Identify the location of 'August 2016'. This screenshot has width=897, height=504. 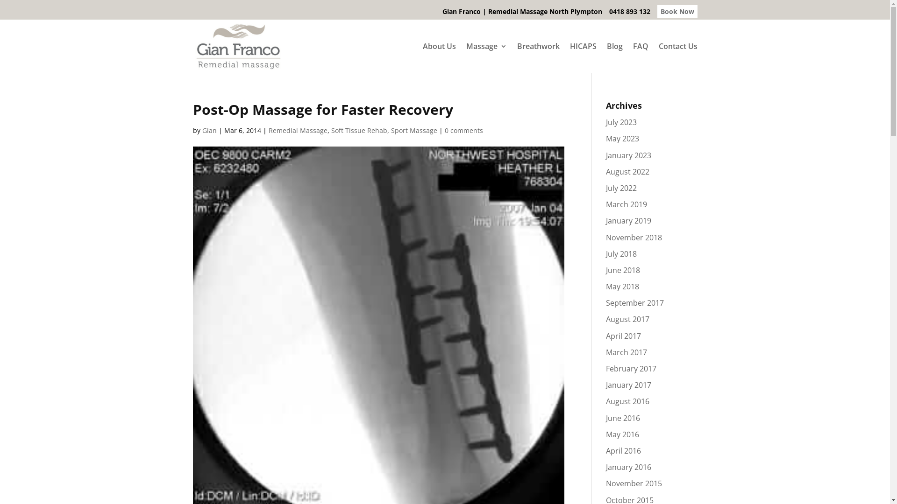
(627, 401).